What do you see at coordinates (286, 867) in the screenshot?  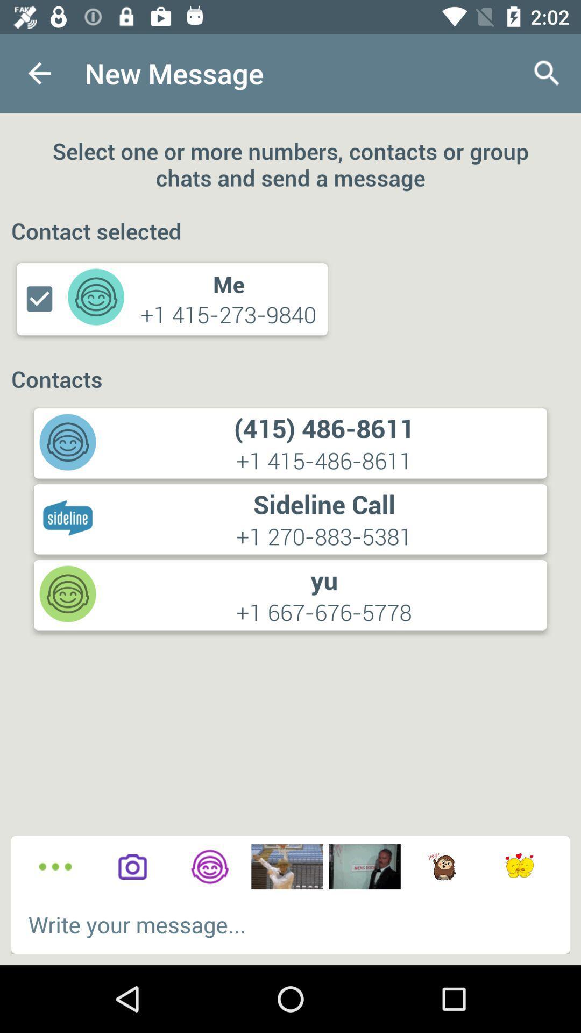 I see `image` at bounding box center [286, 867].